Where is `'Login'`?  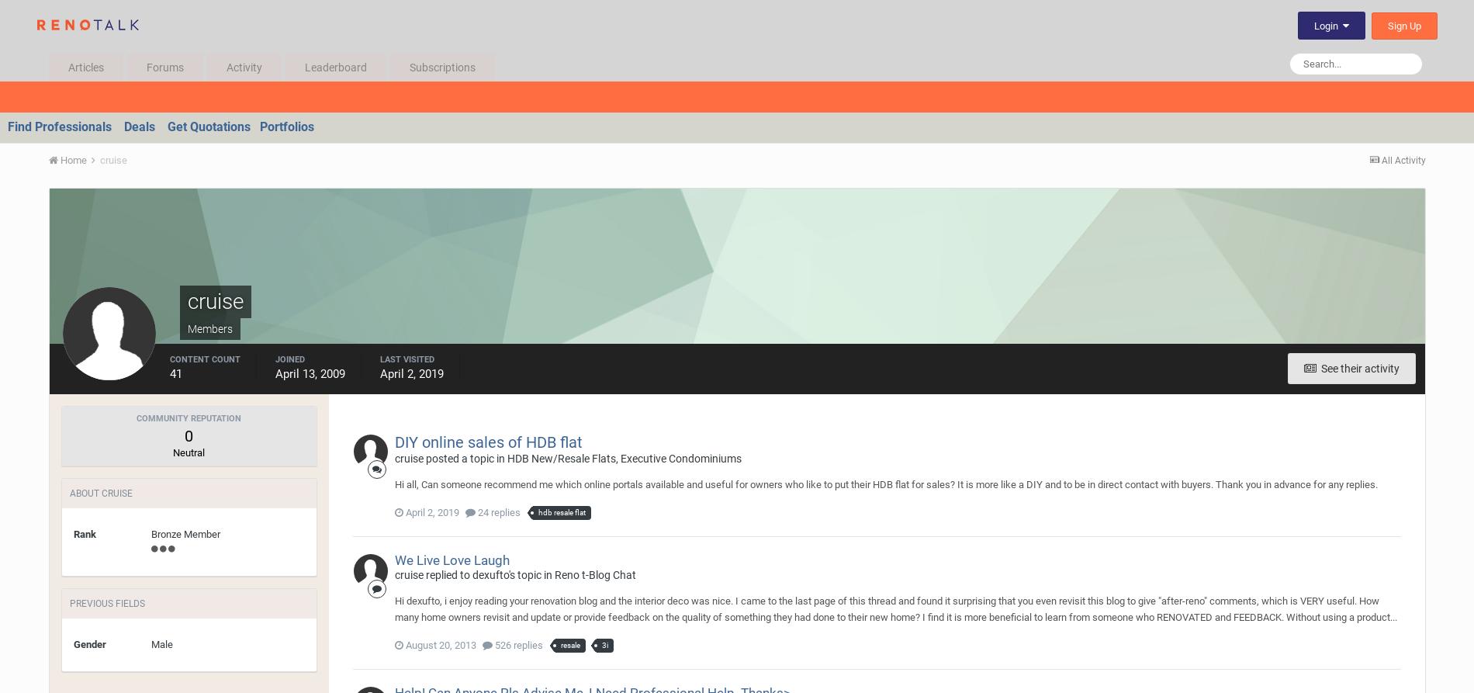 'Login' is located at coordinates (1327, 26).